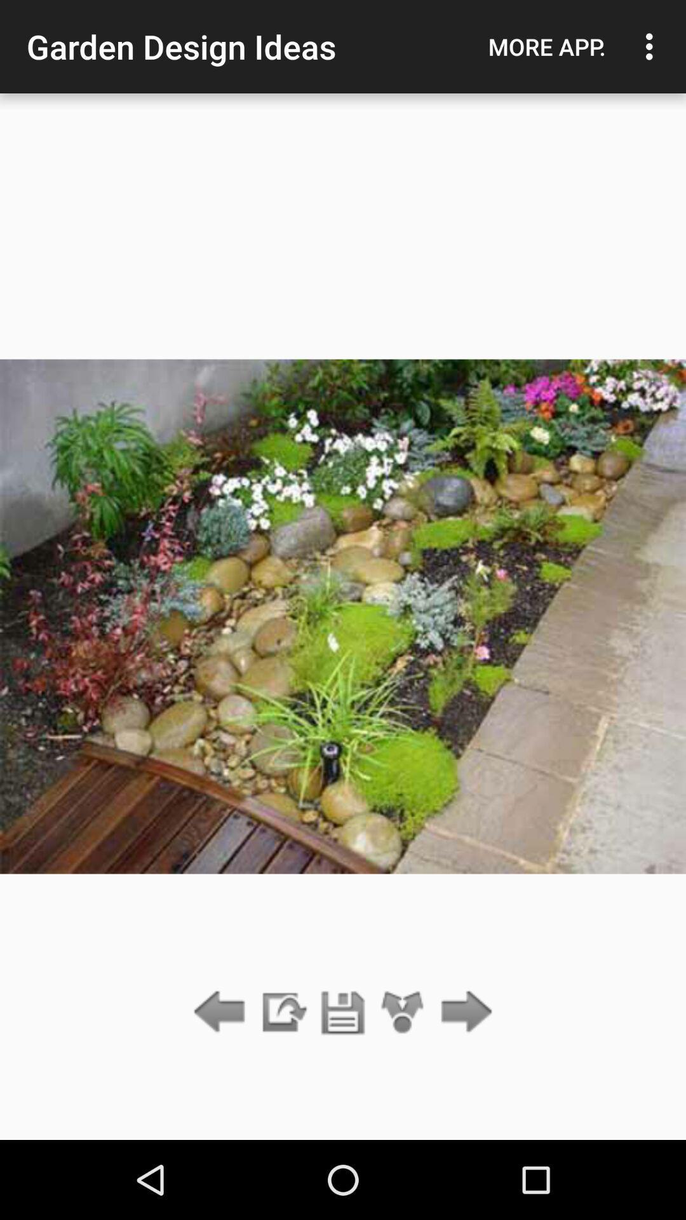  I want to click on icon at the bottom right corner, so click(463, 1012).